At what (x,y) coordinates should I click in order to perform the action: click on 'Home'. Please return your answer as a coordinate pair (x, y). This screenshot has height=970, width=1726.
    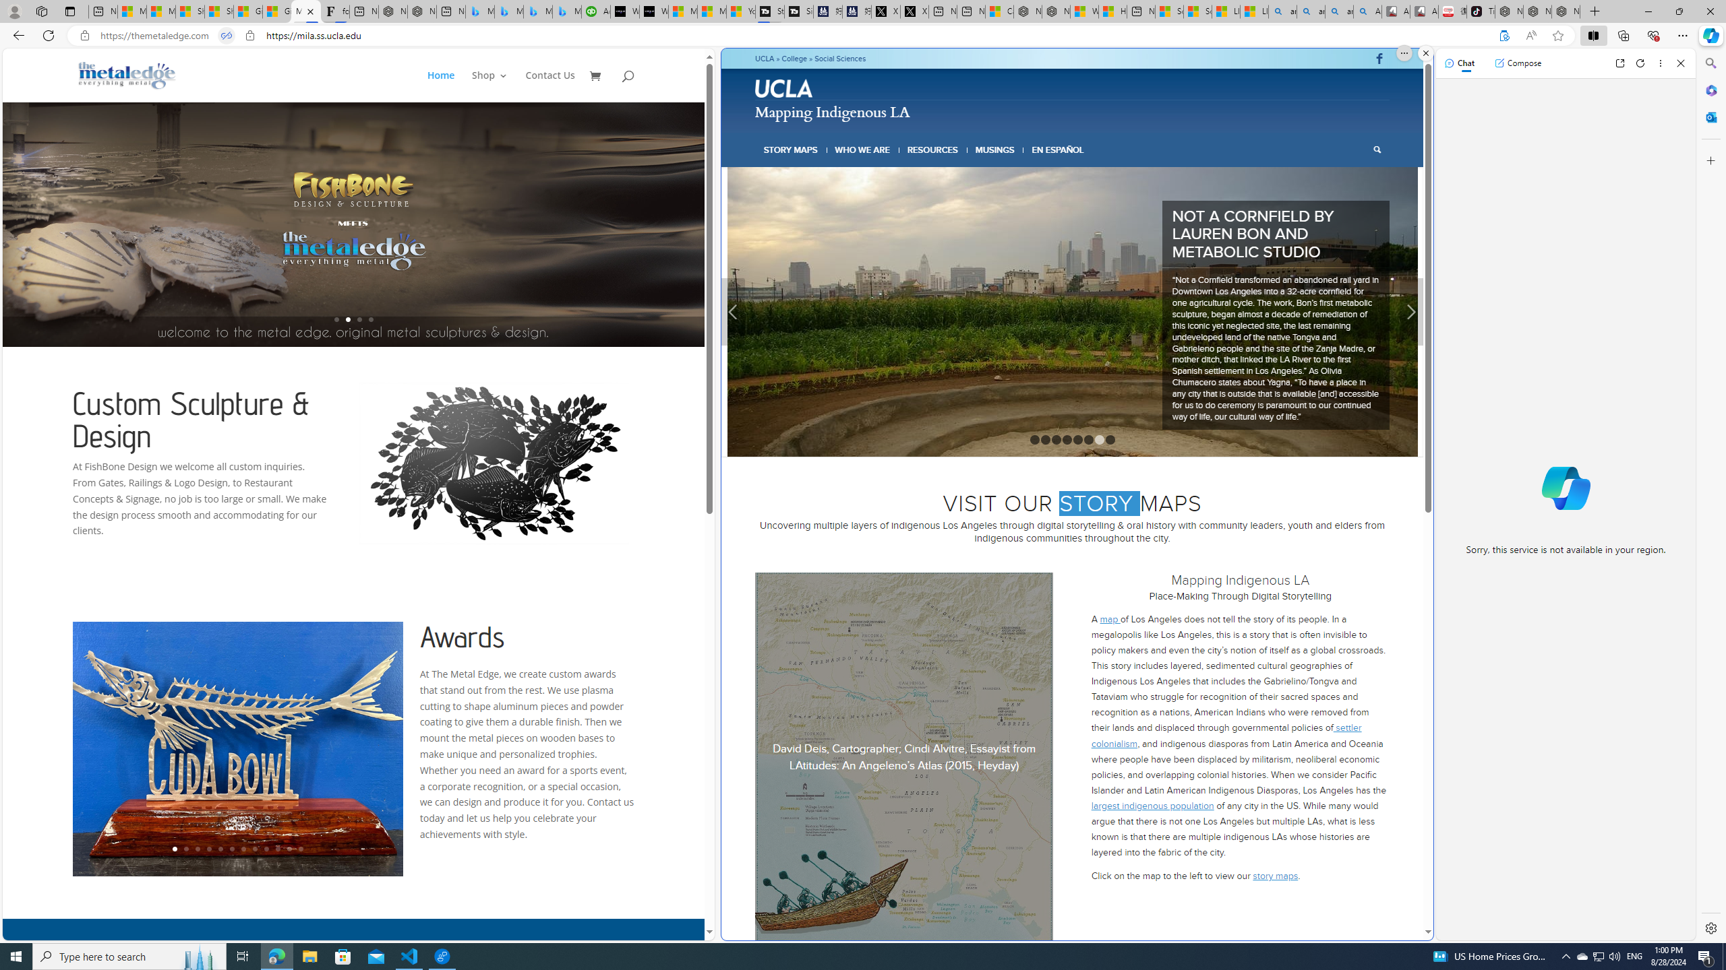
    Looking at the image, I should click on (448, 86).